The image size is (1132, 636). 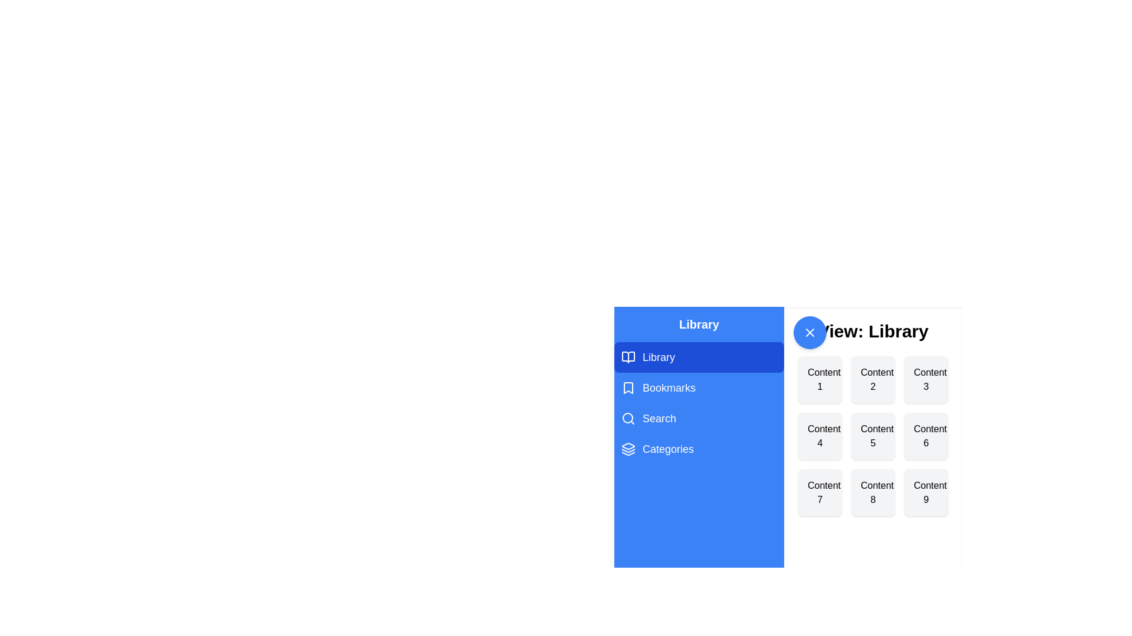 What do you see at coordinates (809, 332) in the screenshot?
I see `button with the X icon to close the drawer` at bounding box center [809, 332].